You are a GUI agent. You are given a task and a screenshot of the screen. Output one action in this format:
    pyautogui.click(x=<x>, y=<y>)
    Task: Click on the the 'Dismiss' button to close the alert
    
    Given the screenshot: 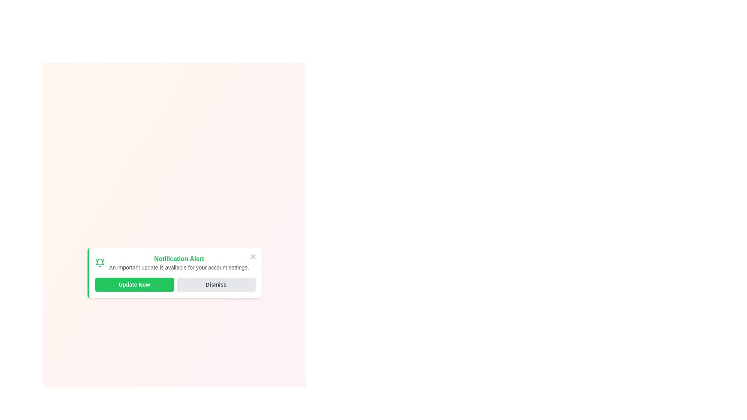 What is the action you would take?
    pyautogui.click(x=216, y=285)
    